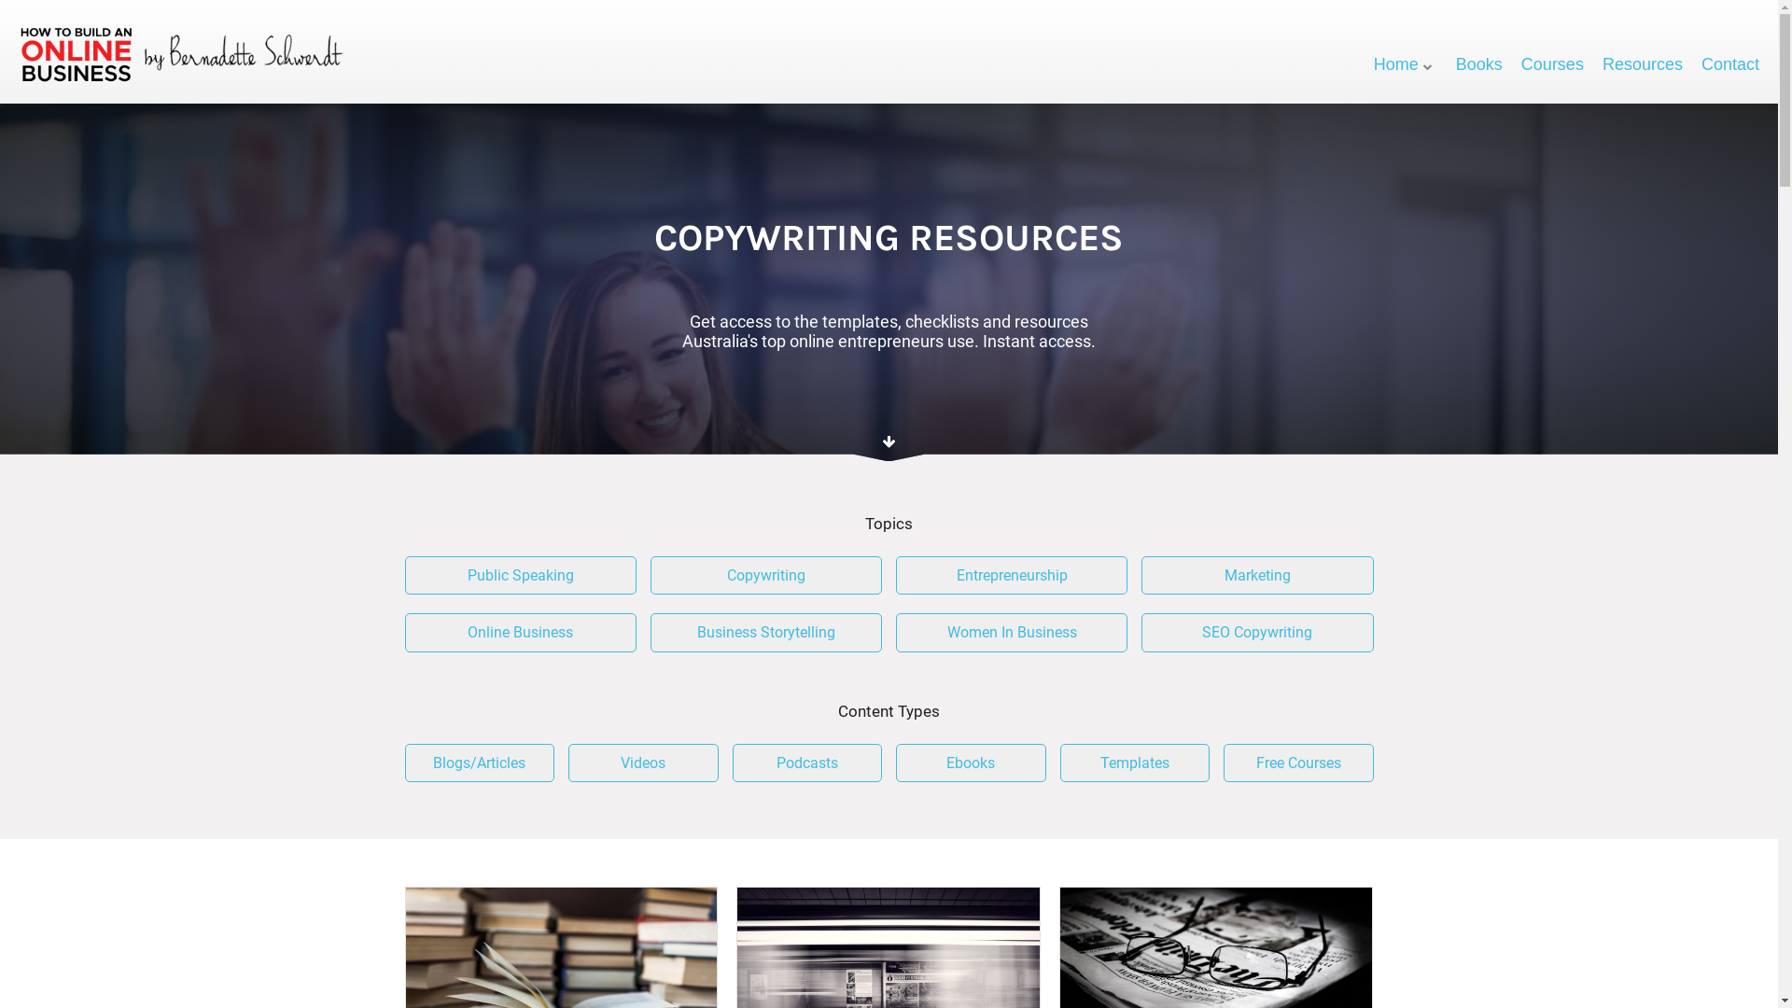  What do you see at coordinates (567, 763) in the screenshot?
I see `'Videos'` at bounding box center [567, 763].